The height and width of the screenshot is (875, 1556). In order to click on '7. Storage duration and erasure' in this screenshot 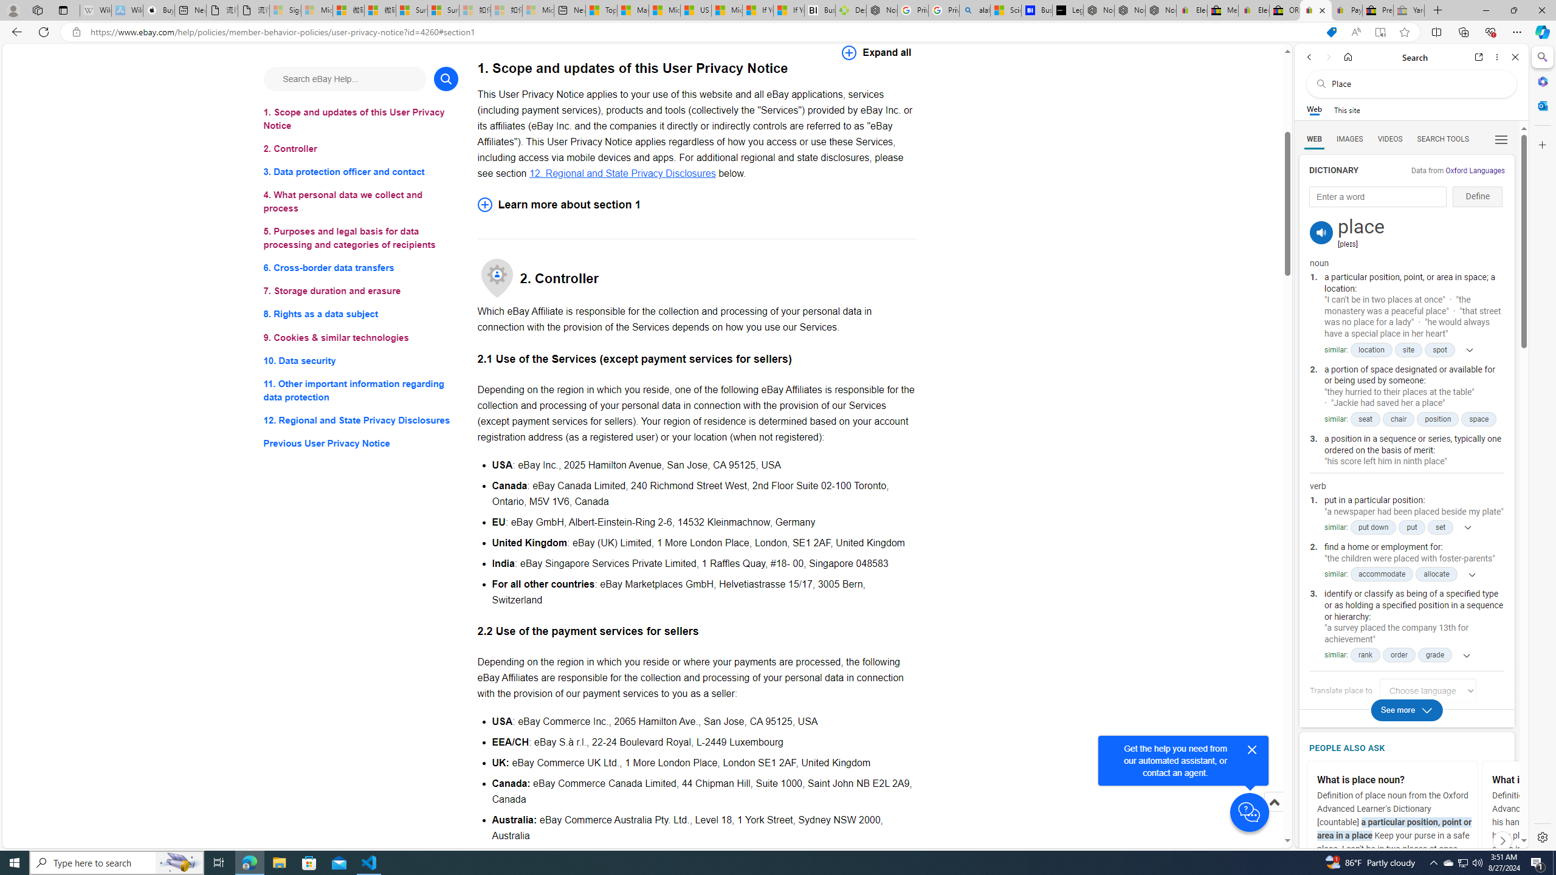, I will do `click(360, 290)`.